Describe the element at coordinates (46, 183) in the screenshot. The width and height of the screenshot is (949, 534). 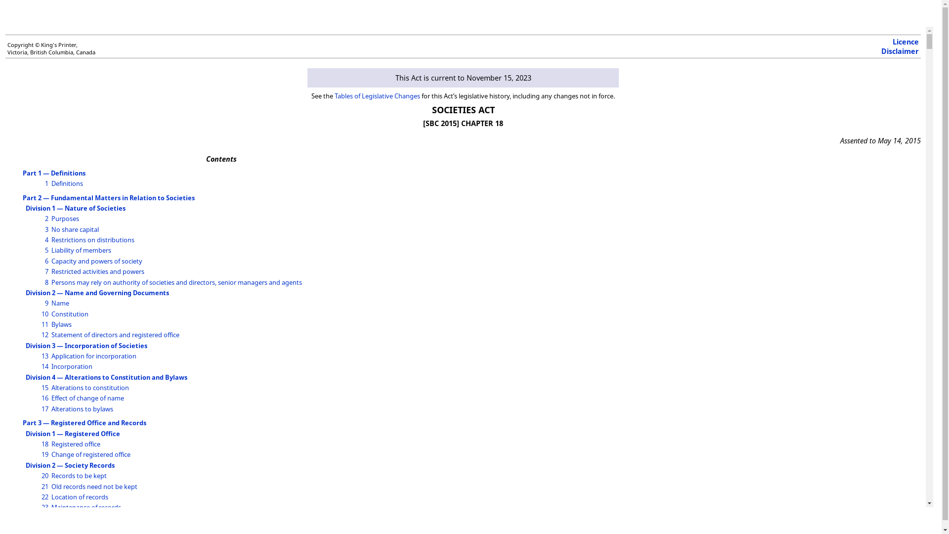
I see `'1'` at that location.